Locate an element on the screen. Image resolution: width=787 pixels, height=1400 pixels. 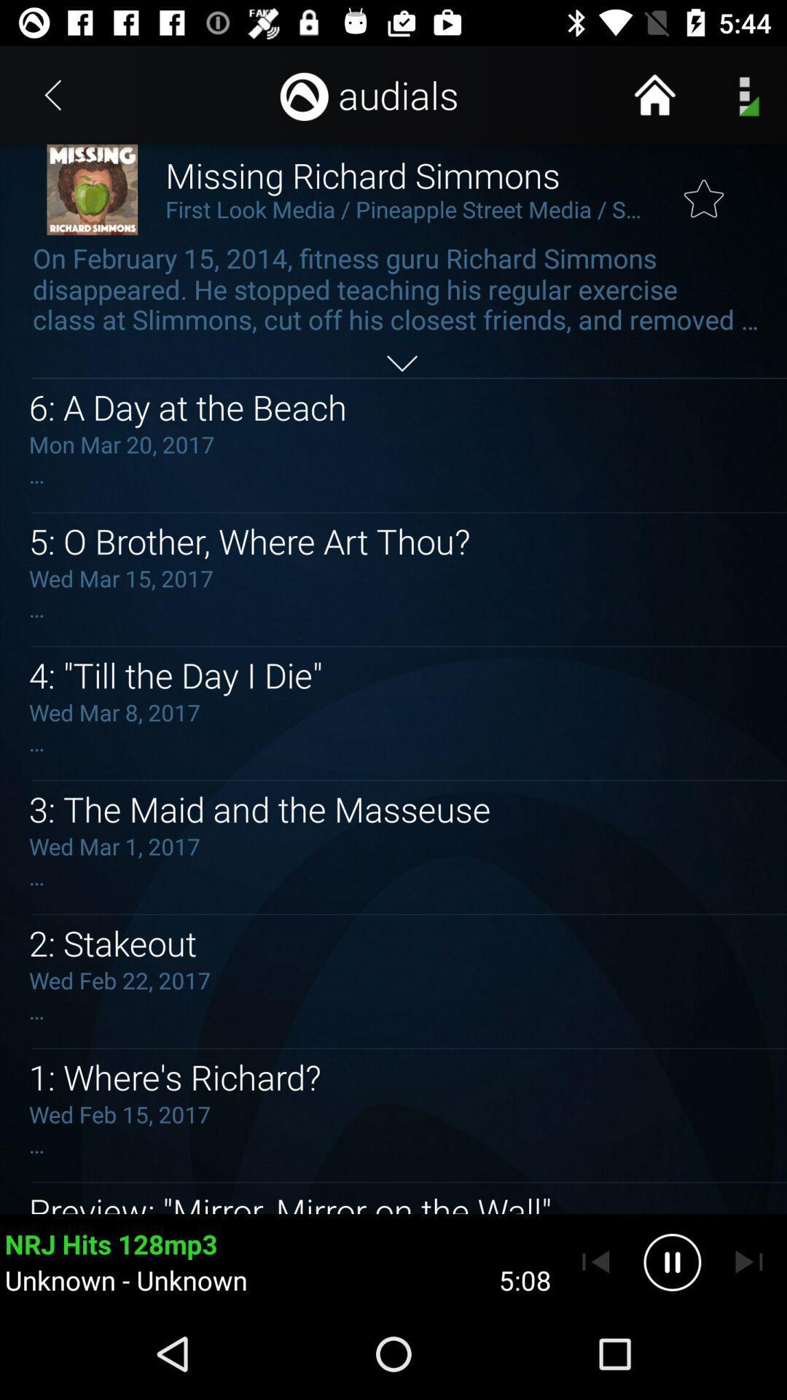
the icon left to the audials is located at coordinates (303, 94).